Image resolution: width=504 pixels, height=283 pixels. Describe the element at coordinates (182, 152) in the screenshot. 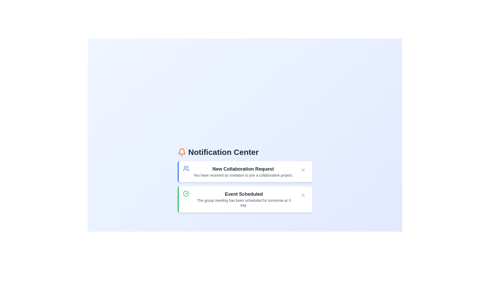

I see `the bell-shaped icon with an orange stroke located to the left of the 'Notification Center' text` at that location.